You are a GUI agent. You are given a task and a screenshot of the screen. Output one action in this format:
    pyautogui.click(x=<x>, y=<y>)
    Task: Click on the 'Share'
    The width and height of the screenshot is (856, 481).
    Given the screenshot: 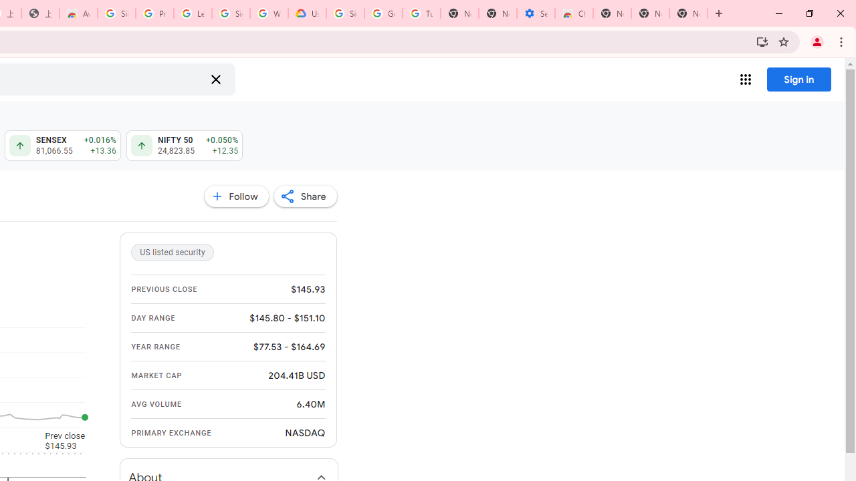 What is the action you would take?
    pyautogui.click(x=304, y=196)
    